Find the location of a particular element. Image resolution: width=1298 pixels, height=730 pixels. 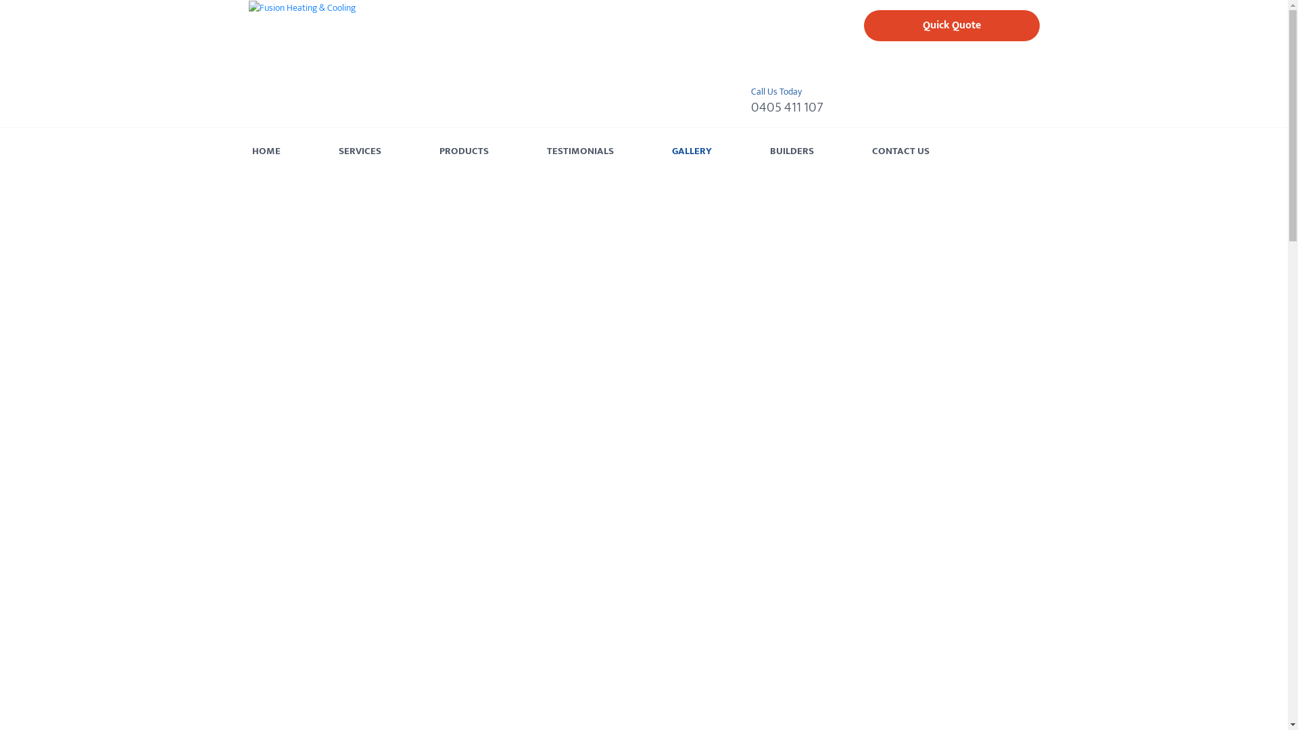

'SERVICES' is located at coordinates (359, 151).